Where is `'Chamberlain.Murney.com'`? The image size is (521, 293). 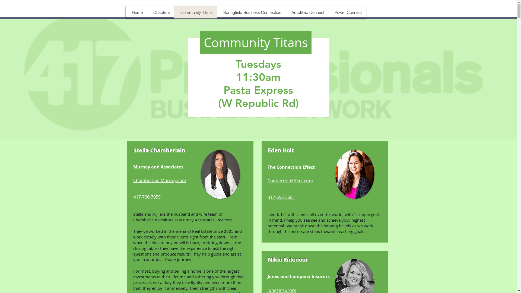
'Chamberlain.Murney.com' is located at coordinates (133, 180).